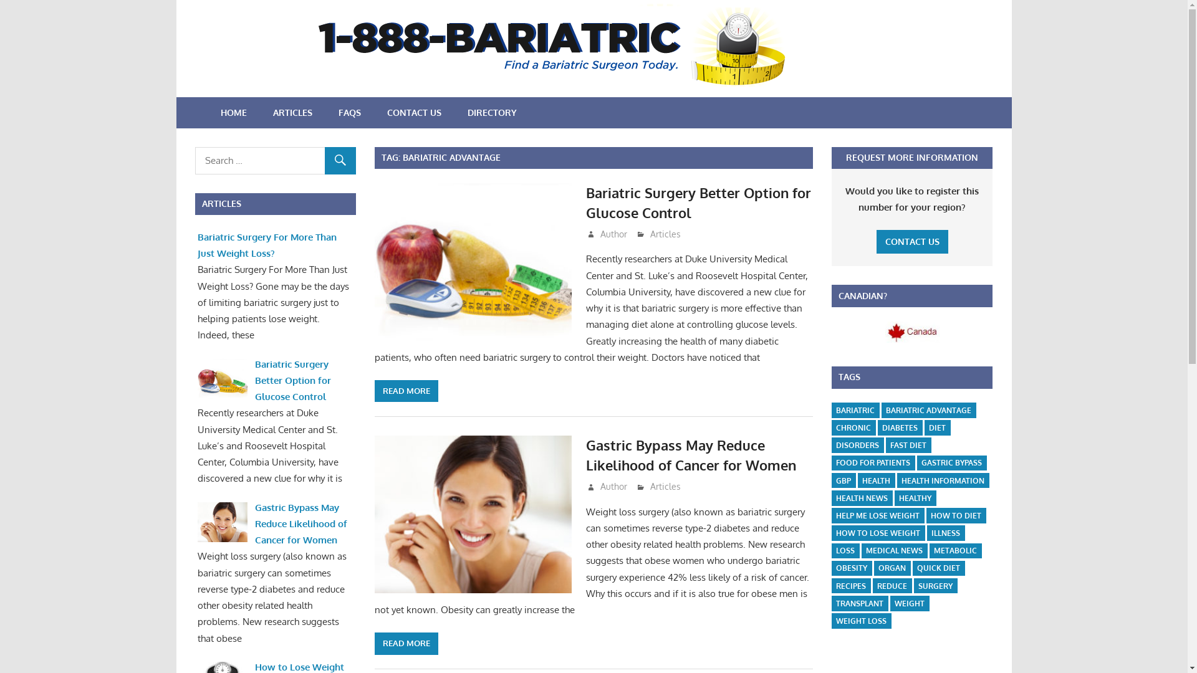  I want to click on 'LOSS', so click(832, 550).